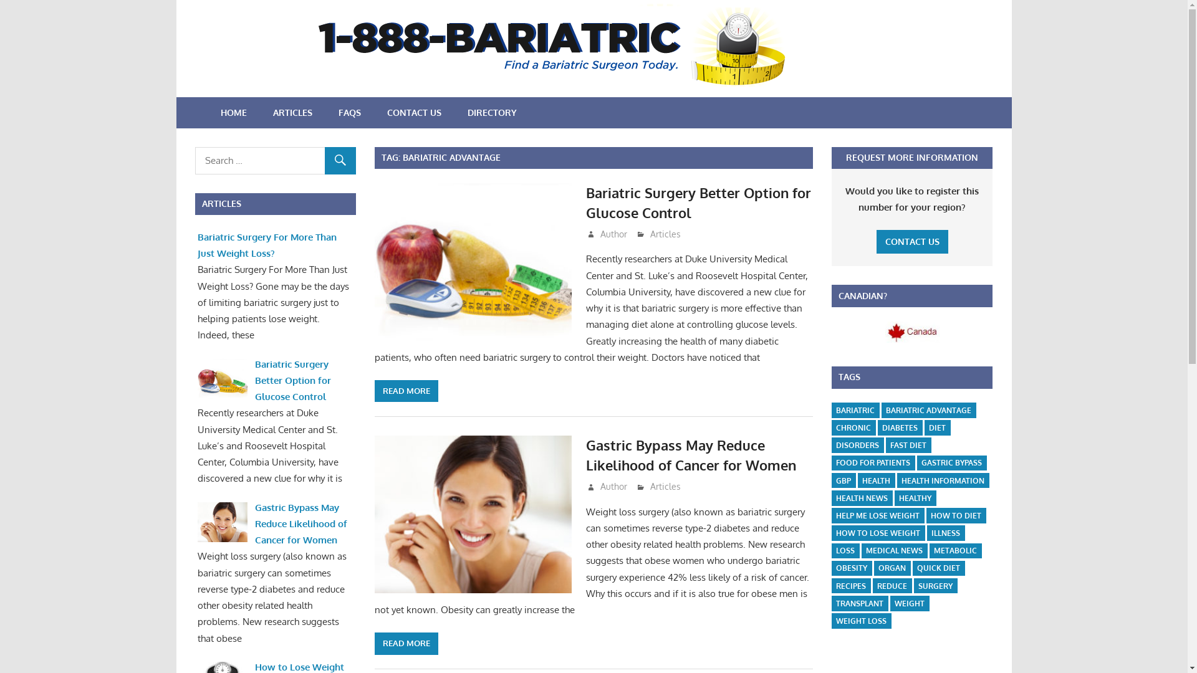  I want to click on 'LOSS', so click(832, 550).